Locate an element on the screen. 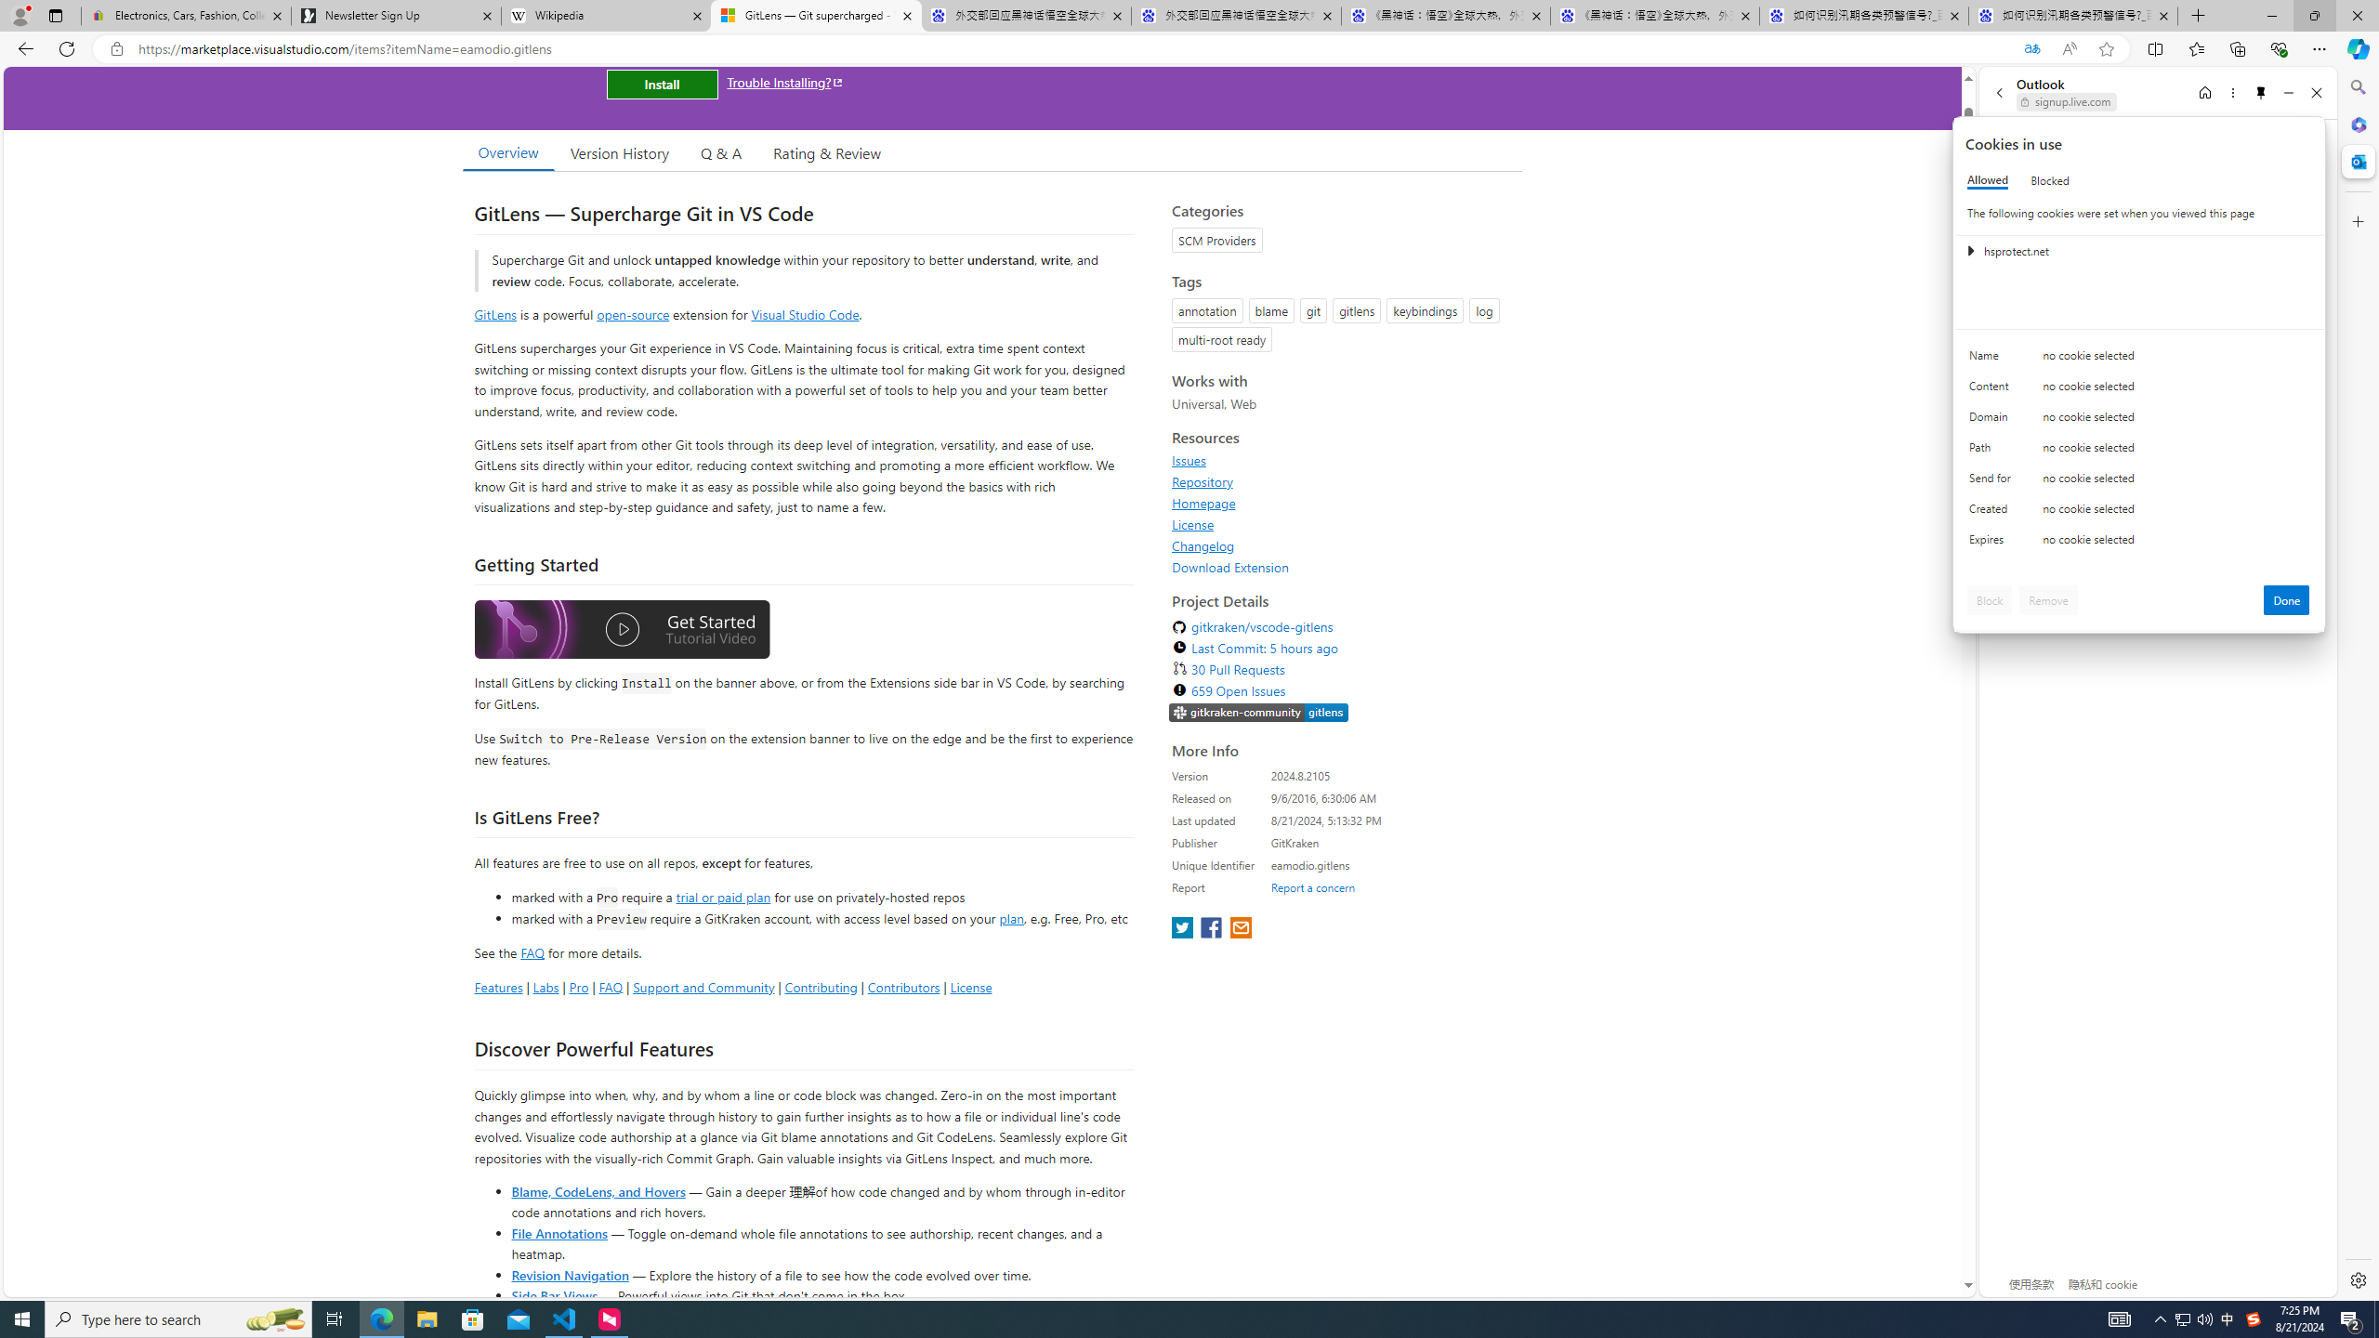 The height and width of the screenshot is (1338, 2379). 'https://slack.gitkraken.com//' is located at coordinates (1257, 712).